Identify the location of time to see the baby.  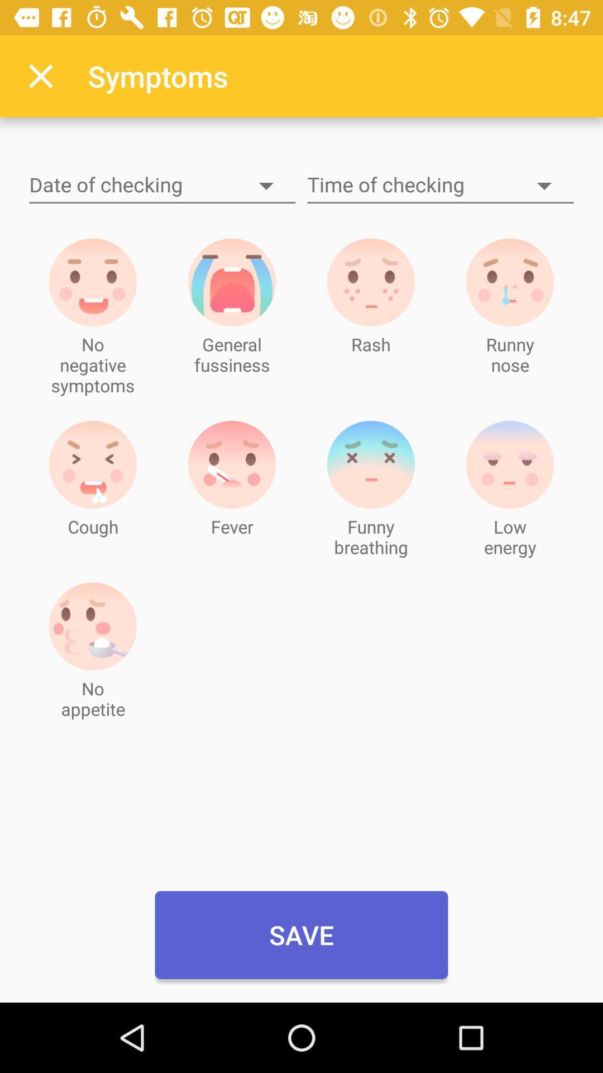
(440, 186).